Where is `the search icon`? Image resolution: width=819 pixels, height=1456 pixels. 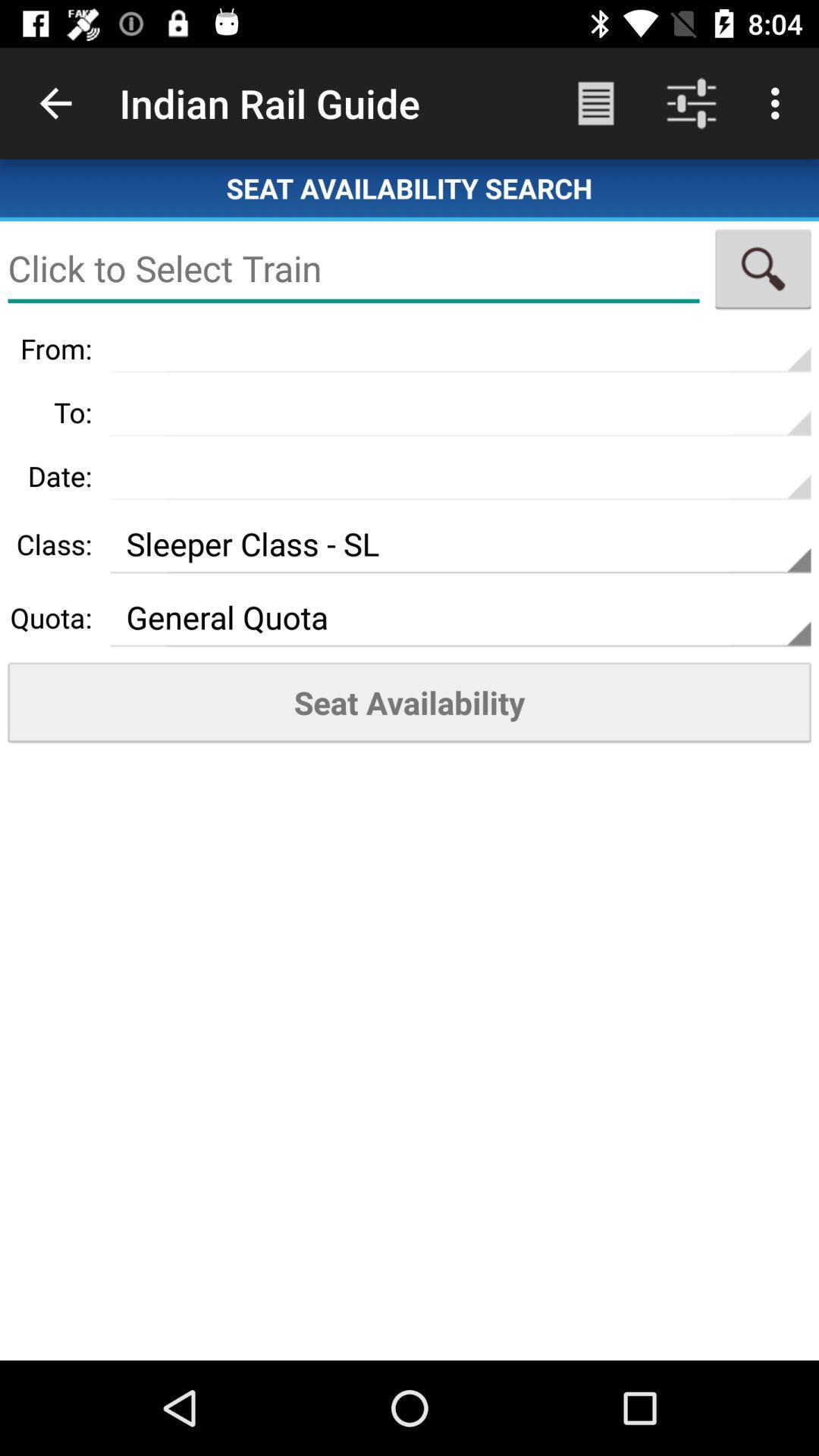 the search icon is located at coordinates (763, 268).